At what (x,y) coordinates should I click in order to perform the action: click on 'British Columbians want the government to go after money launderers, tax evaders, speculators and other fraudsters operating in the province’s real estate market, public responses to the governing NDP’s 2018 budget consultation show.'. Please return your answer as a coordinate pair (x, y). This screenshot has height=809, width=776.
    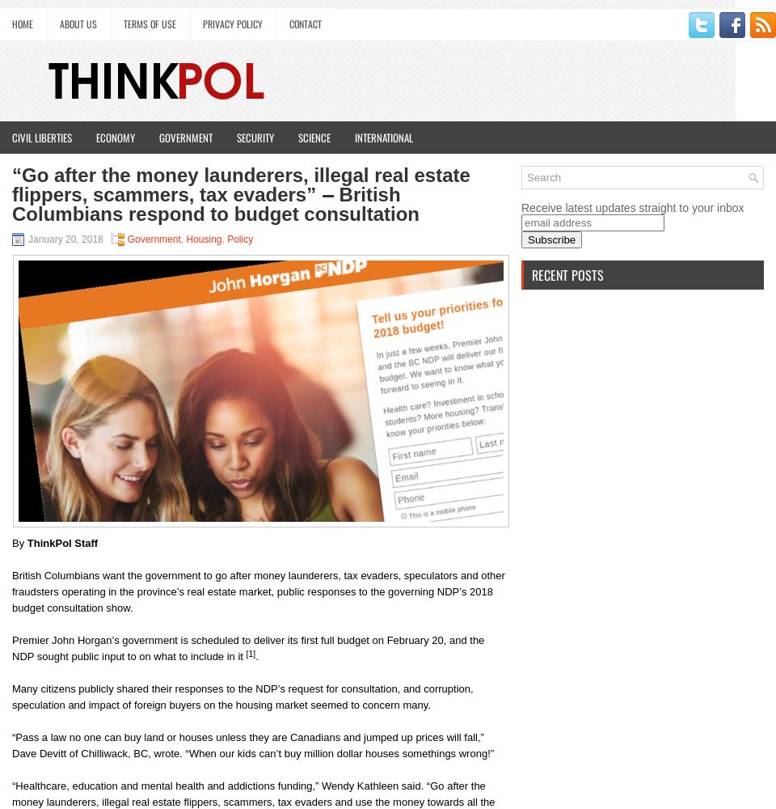
    Looking at the image, I should click on (258, 591).